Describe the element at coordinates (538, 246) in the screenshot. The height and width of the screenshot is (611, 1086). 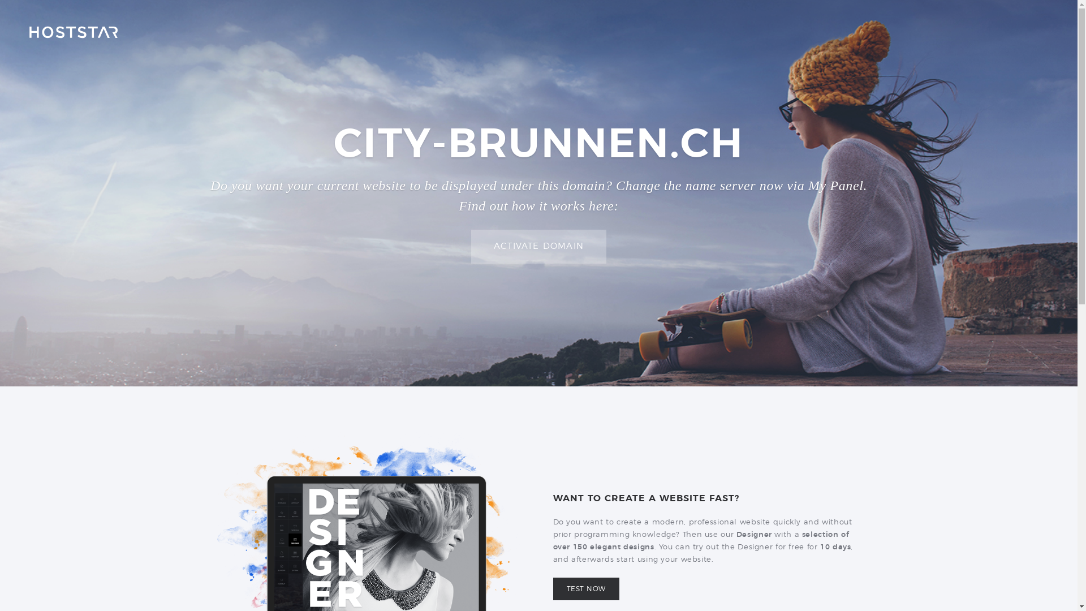
I see `'ACTIVATE DOMAIN'` at that location.